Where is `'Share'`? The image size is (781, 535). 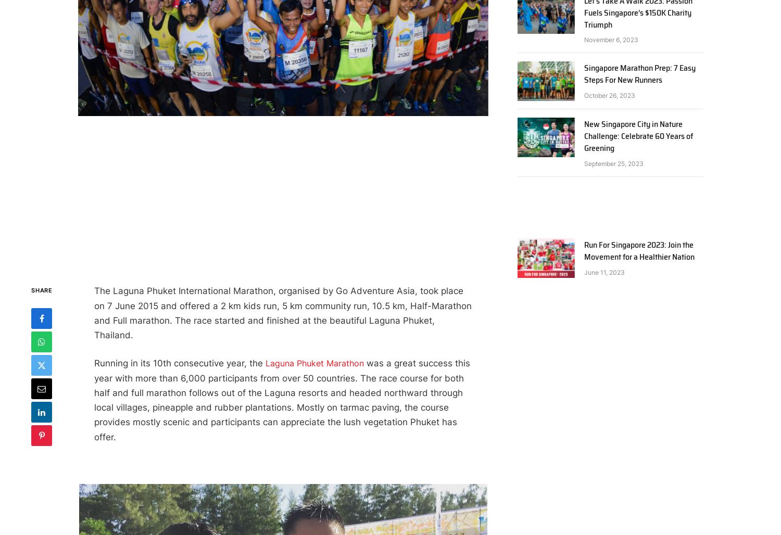
'Share' is located at coordinates (41, 290).